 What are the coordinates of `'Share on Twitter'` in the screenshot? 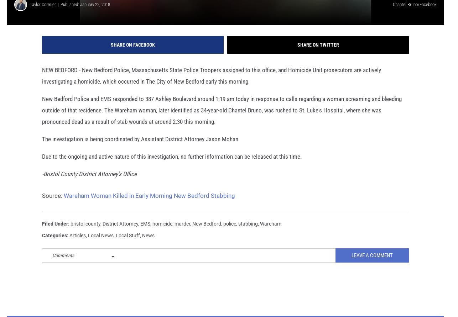 It's located at (297, 54).